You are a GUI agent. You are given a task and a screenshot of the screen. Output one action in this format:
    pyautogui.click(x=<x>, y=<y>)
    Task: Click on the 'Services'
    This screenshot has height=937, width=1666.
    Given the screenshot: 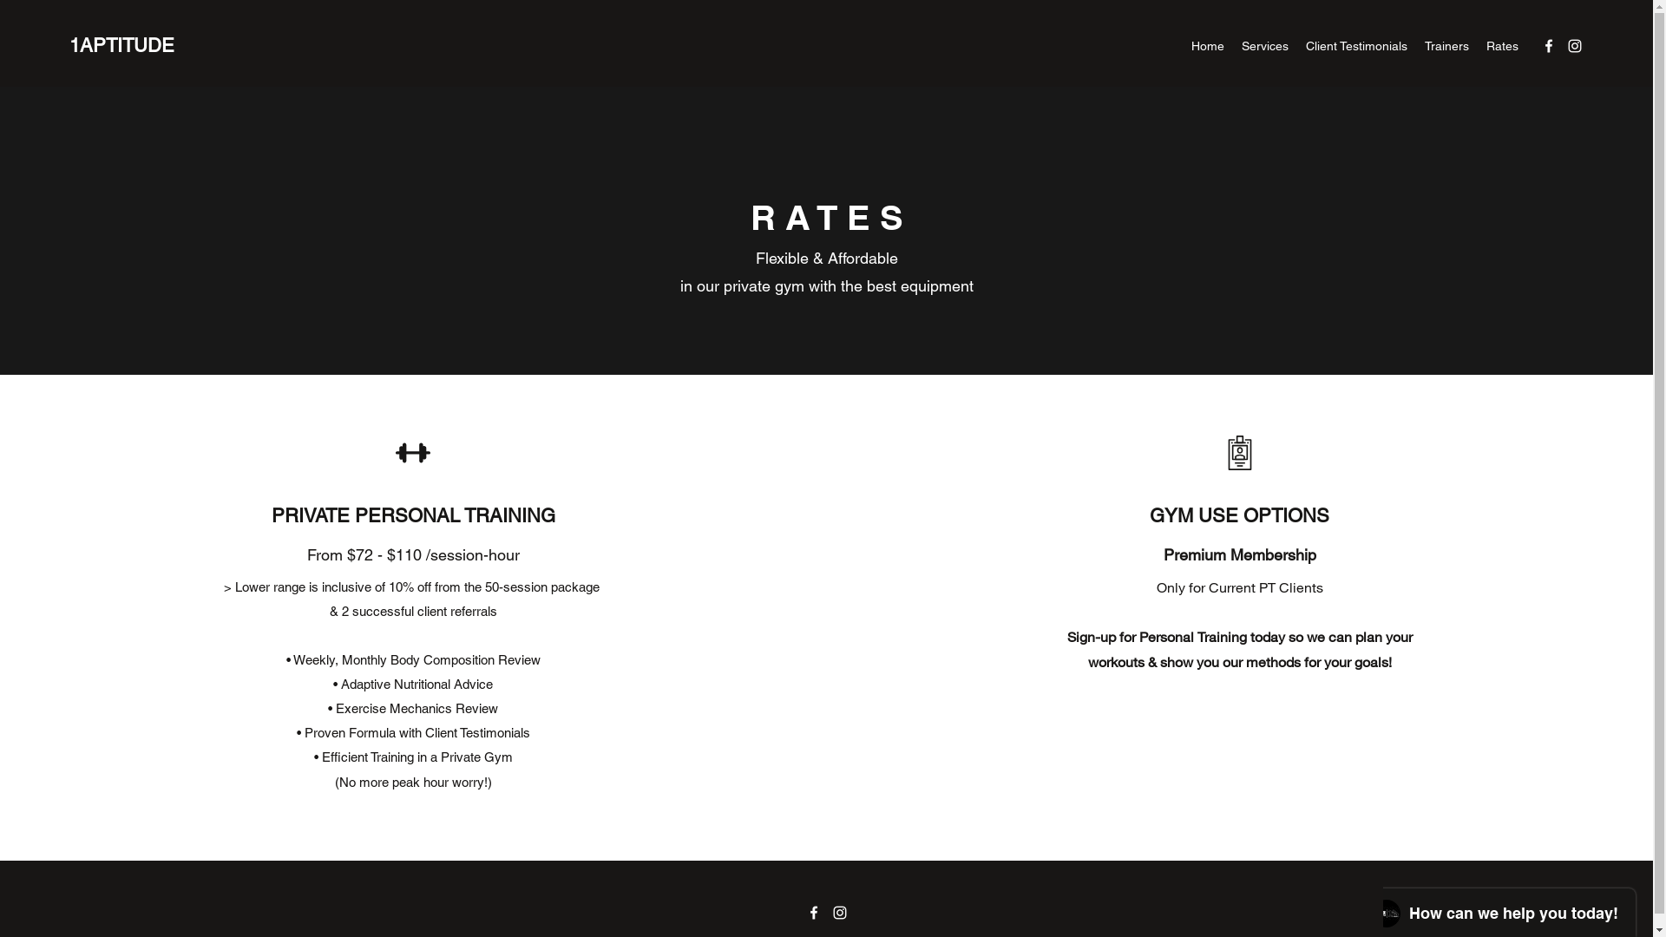 What is the action you would take?
    pyautogui.click(x=1265, y=45)
    